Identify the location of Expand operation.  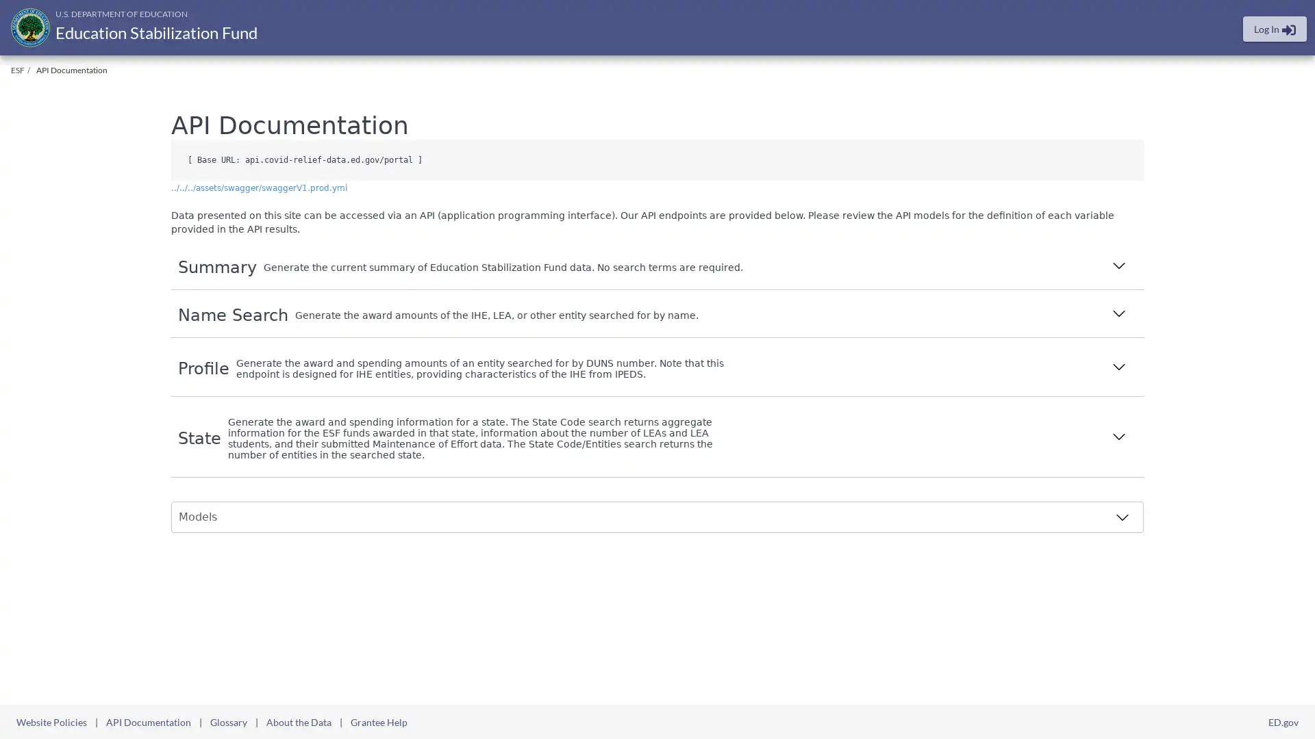
(1118, 367).